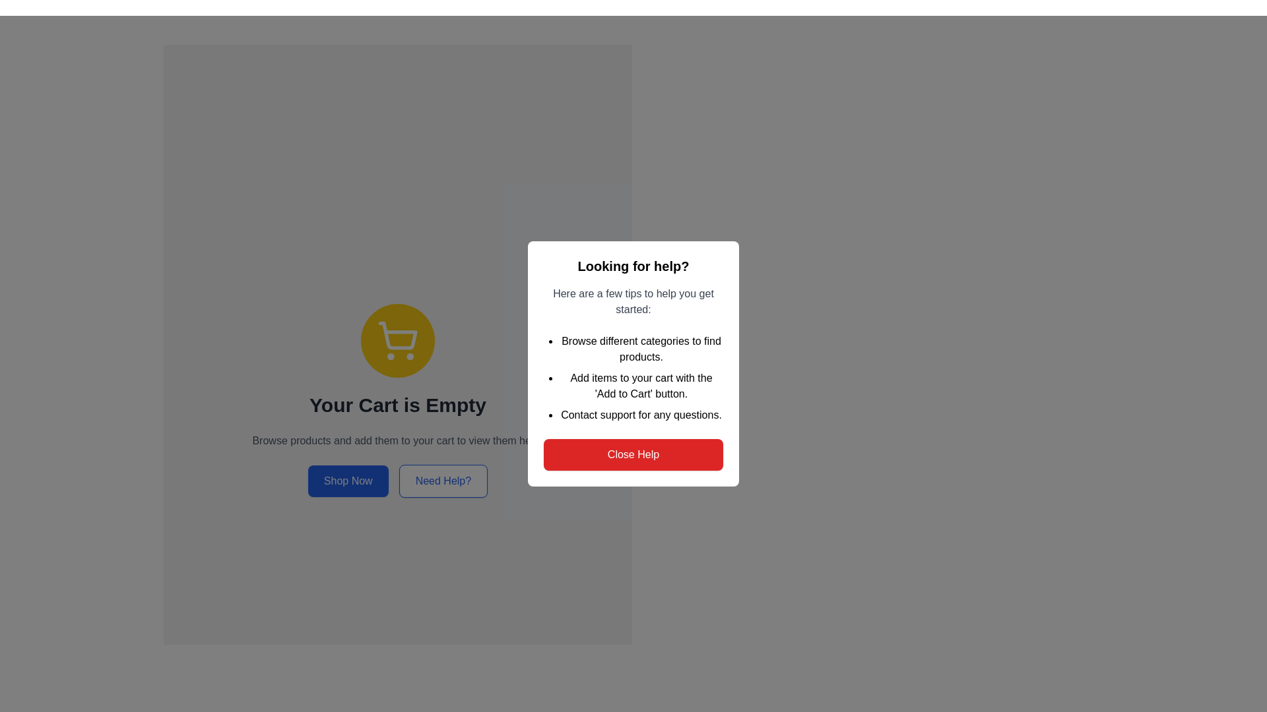 The height and width of the screenshot is (712, 1267). What do you see at coordinates (633, 454) in the screenshot?
I see `the close button at the bottom of the help dialogue box to change its color` at bounding box center [633, 454].